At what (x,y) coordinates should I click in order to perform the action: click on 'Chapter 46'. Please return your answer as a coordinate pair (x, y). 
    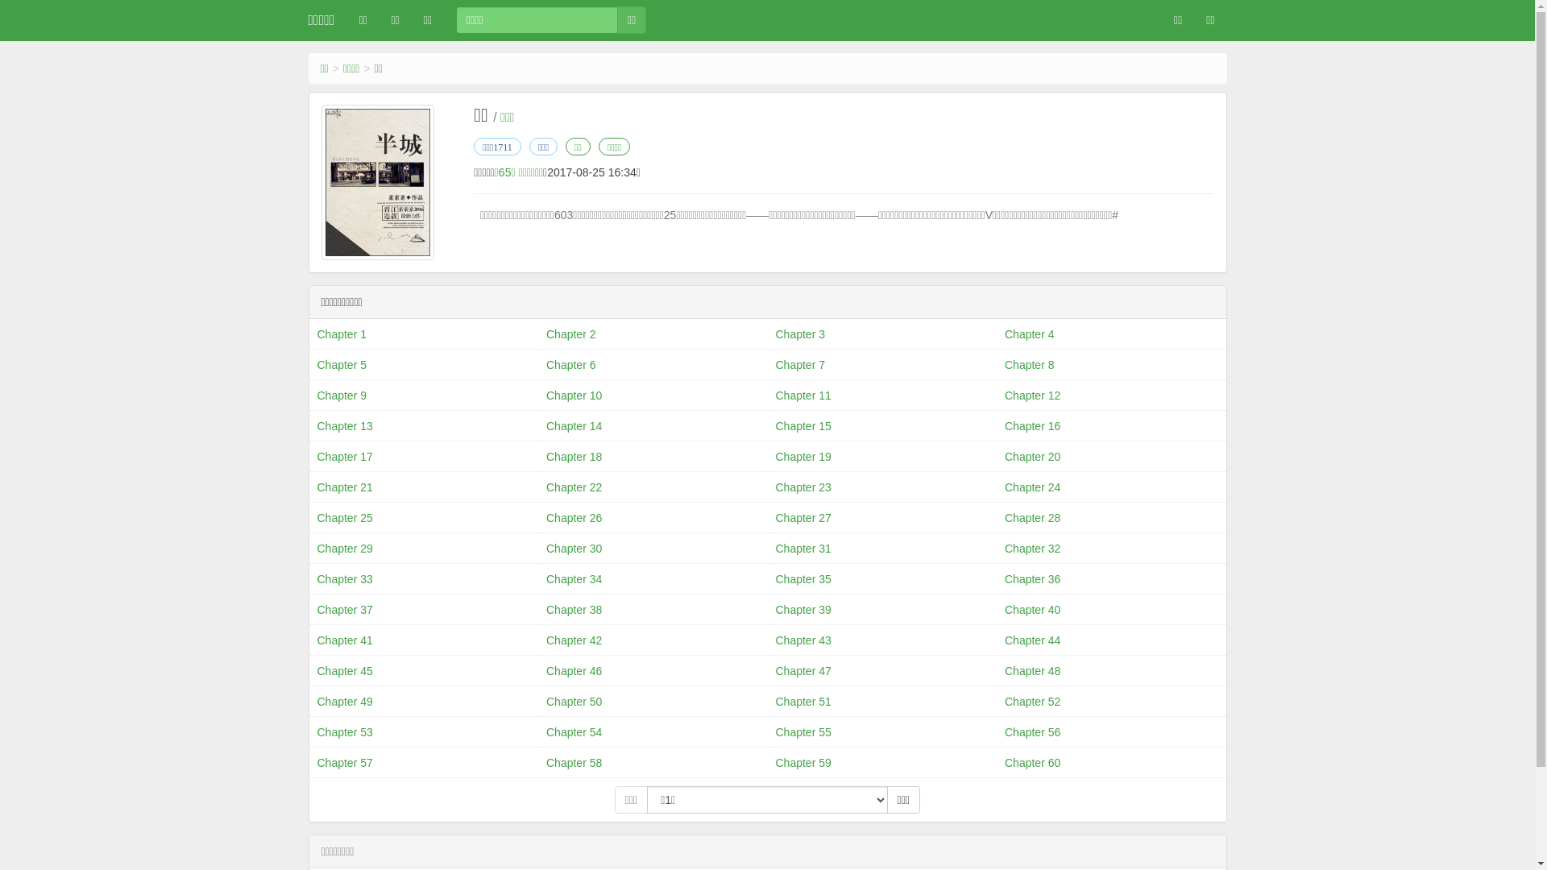
    Looking at the image, I should click on (545, 671).